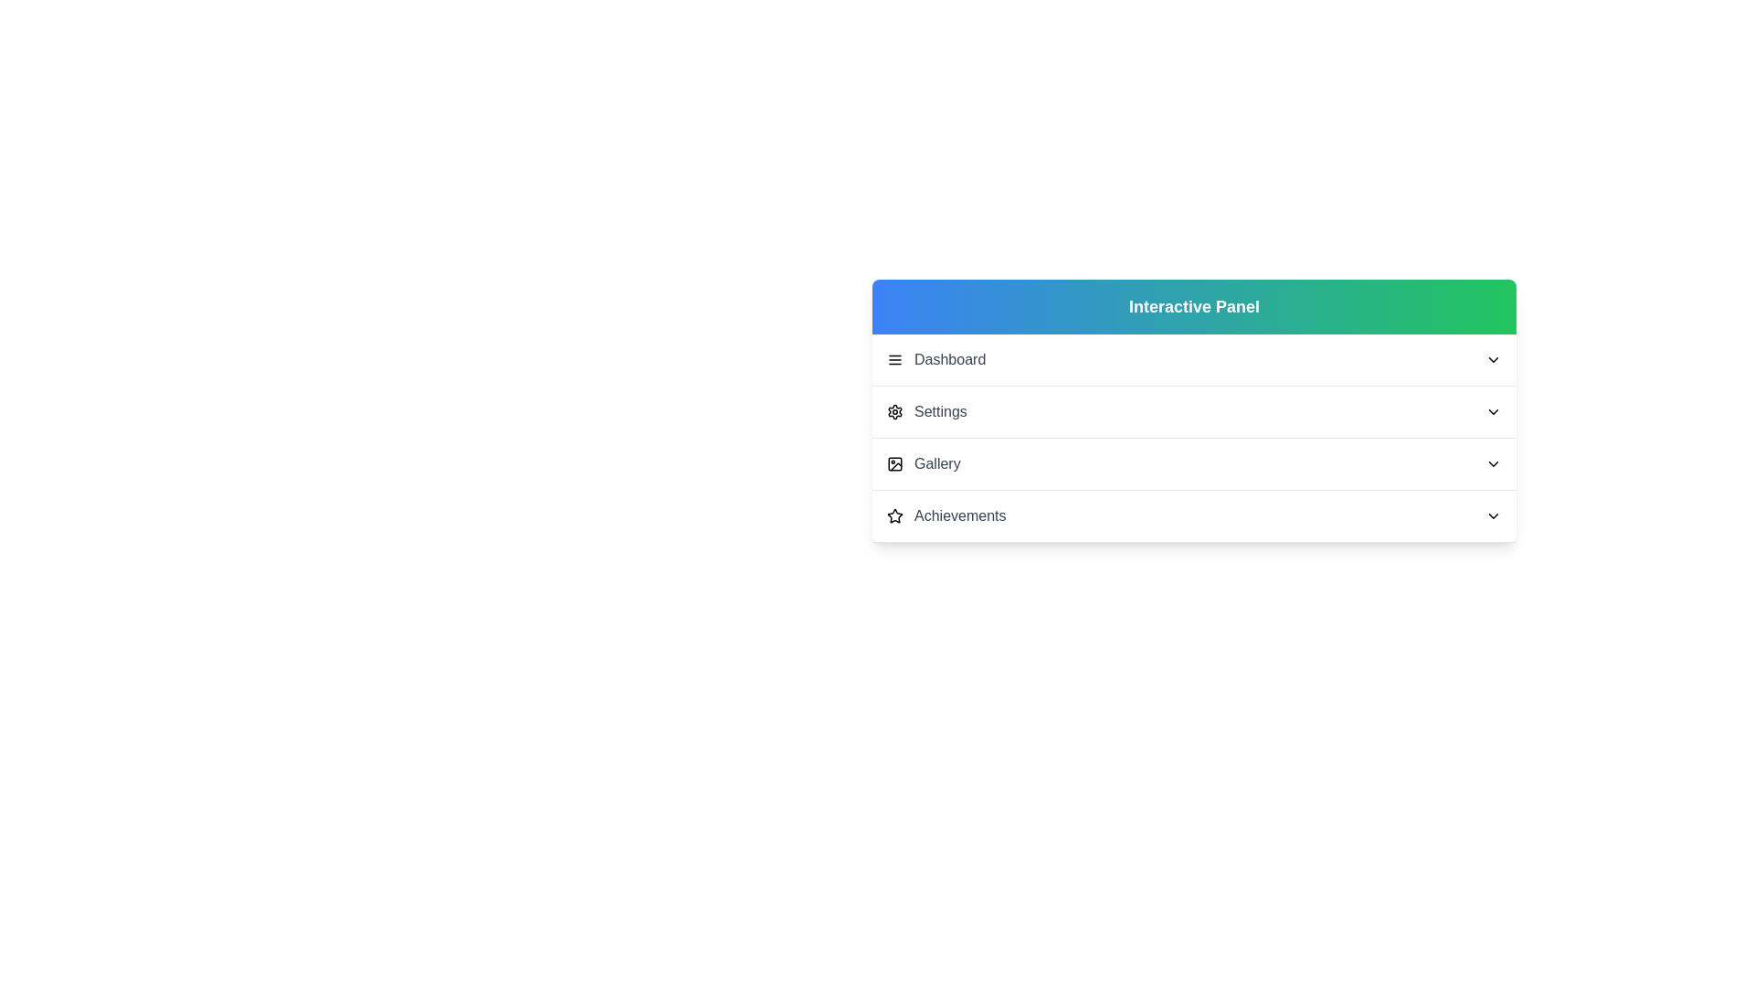 This screenshot has height=987, width=1754. Describe the element at coordinates (1194, 516) in the screenshot. I see `the 'Achievements' menu item, which is the last item in the vertical list` at that location.